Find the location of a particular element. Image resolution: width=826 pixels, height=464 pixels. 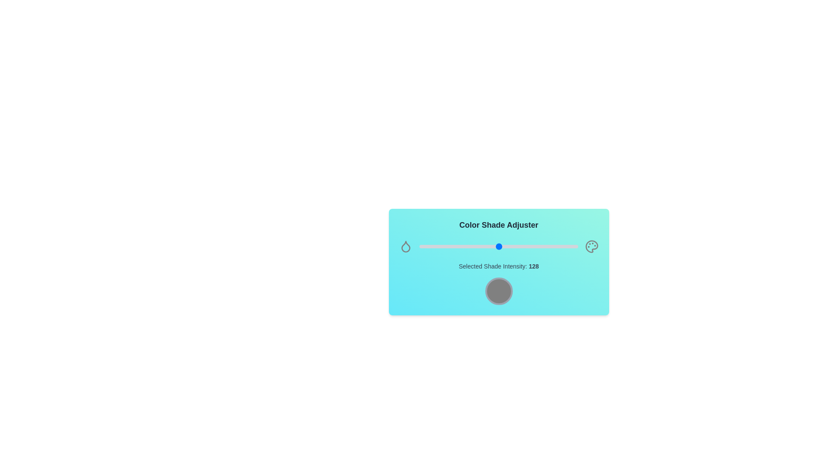

the shade intensity to 20 by interacting with the slider is located at coordinates (431, 247).